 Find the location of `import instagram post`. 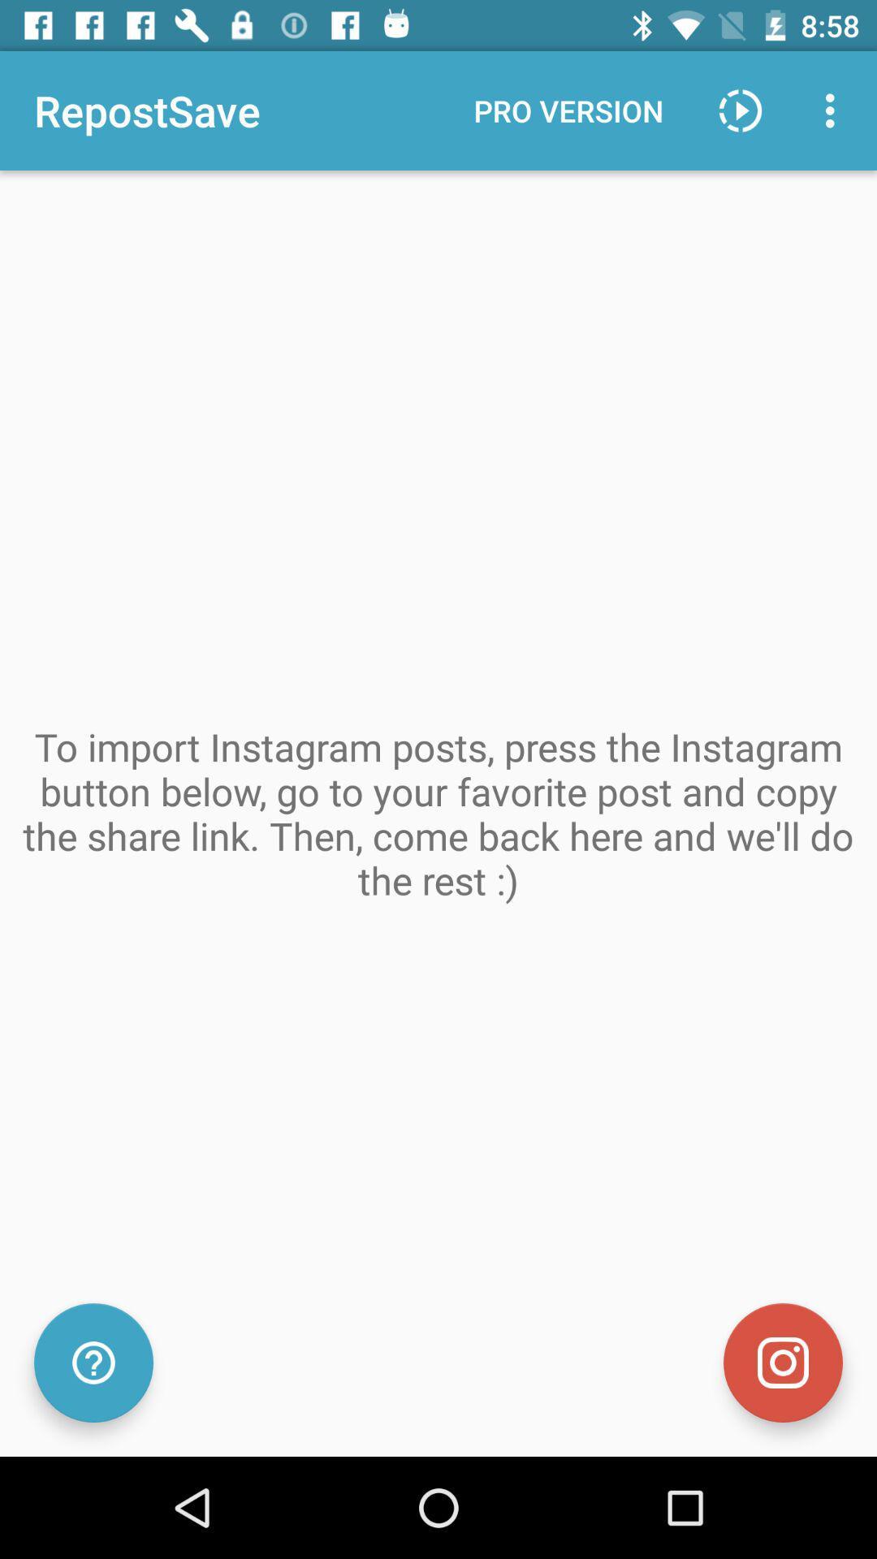

import instagram post is located at coordinates (782, 1363).